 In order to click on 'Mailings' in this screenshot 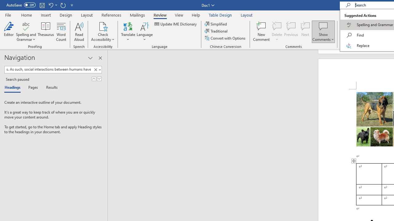, I will do `click(137, 15)`.